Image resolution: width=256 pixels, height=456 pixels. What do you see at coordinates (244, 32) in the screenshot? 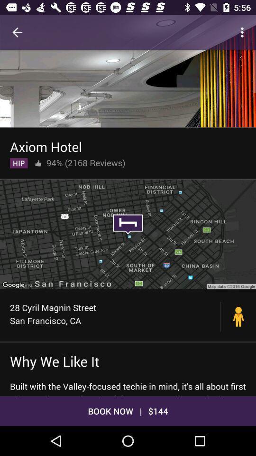
I see `three vertical dots which is at top right corner` at bounding box center [244, 32].